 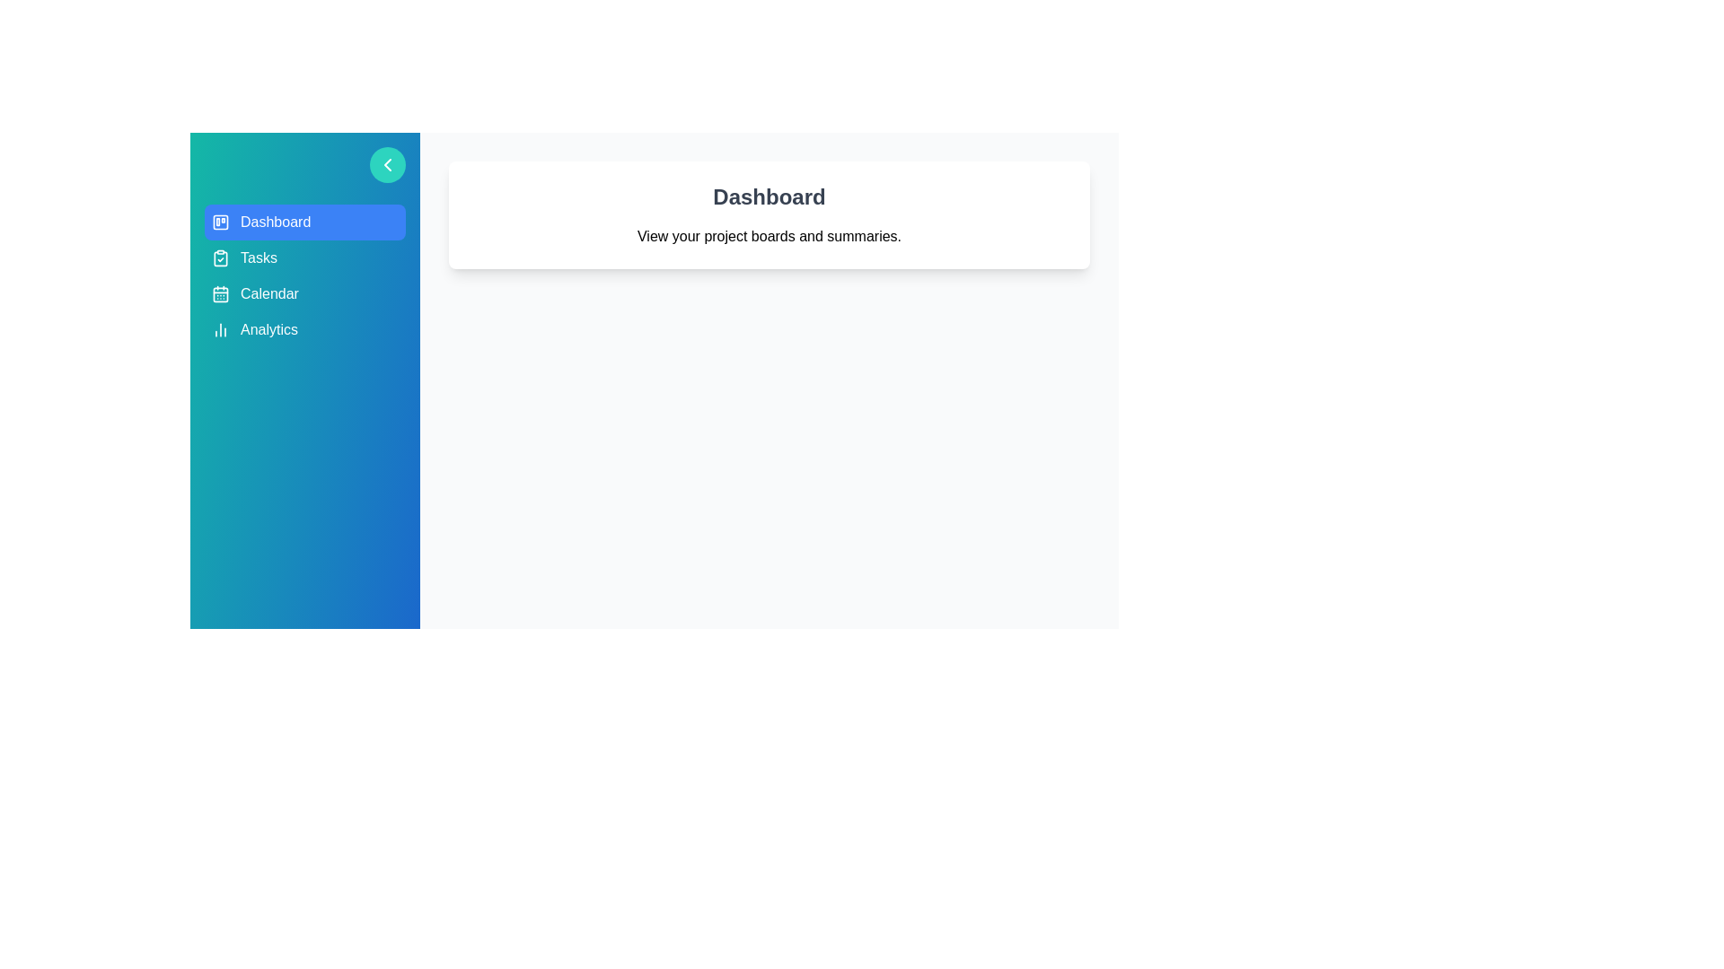 What do you see at coordinates (305, 258) in the screenshot?
I see `the 'Tasks' button located in the sidebar` at bounding box center [305, 258].